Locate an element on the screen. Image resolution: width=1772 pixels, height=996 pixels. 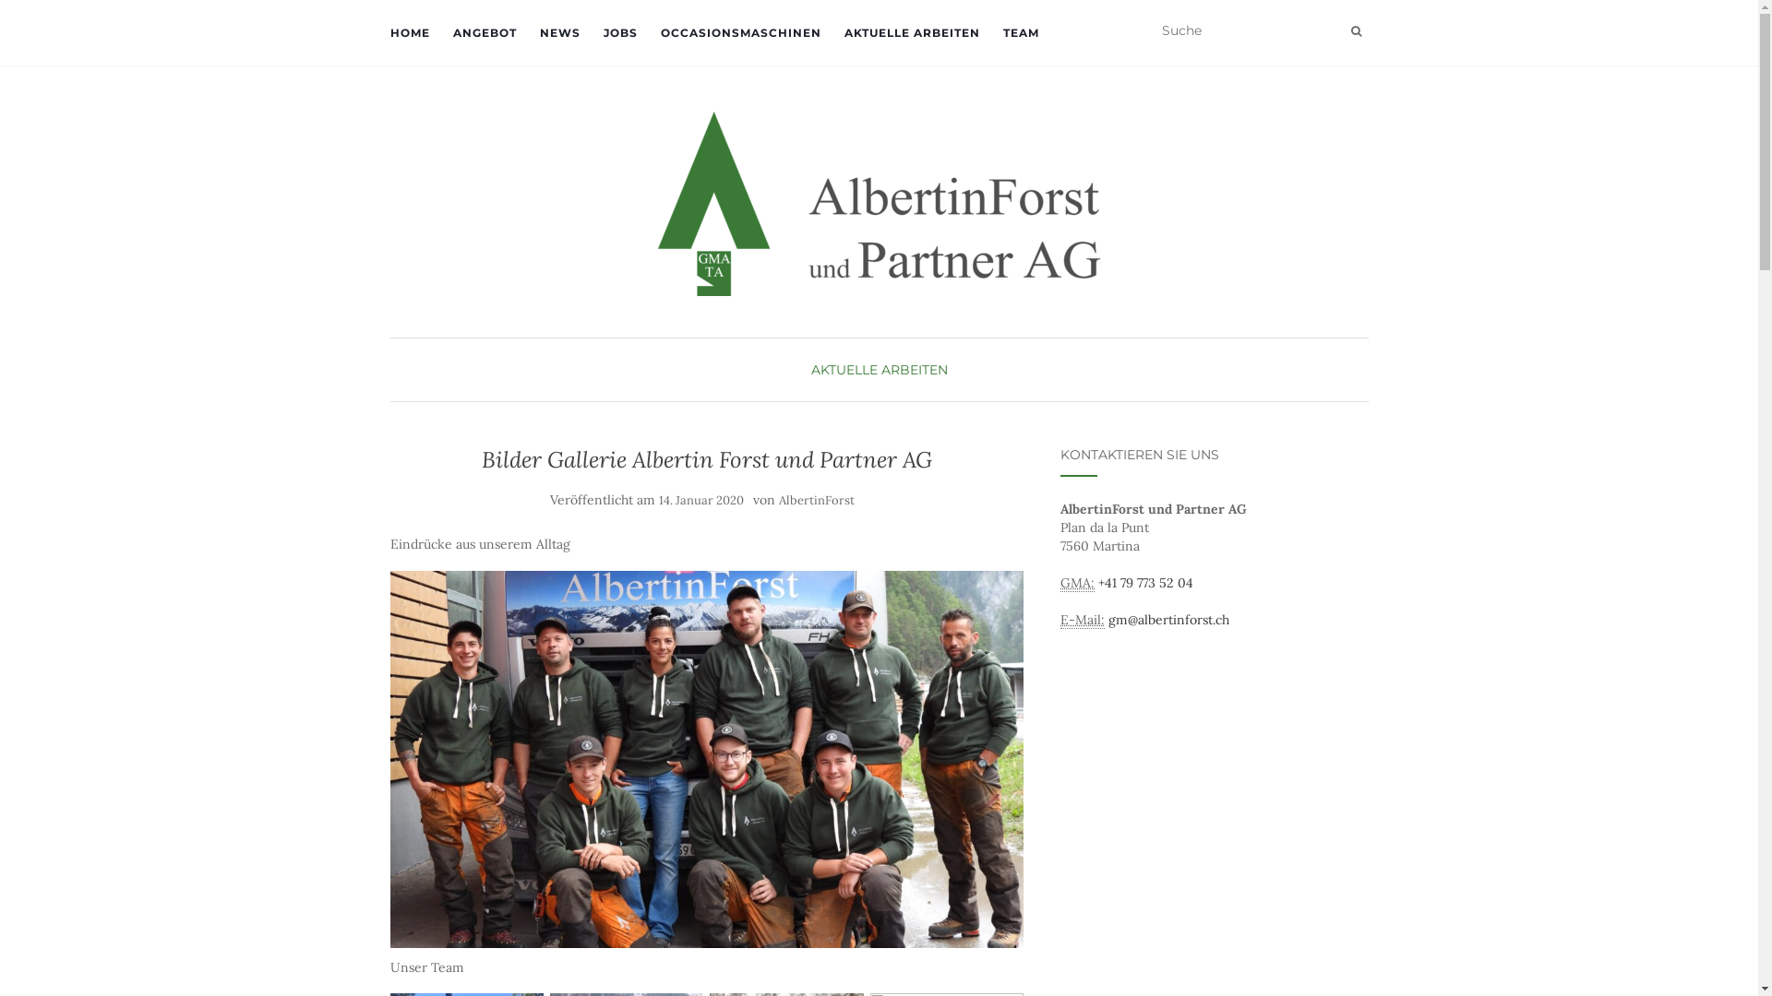
'Suche' is located at coordinates (1356, 31).